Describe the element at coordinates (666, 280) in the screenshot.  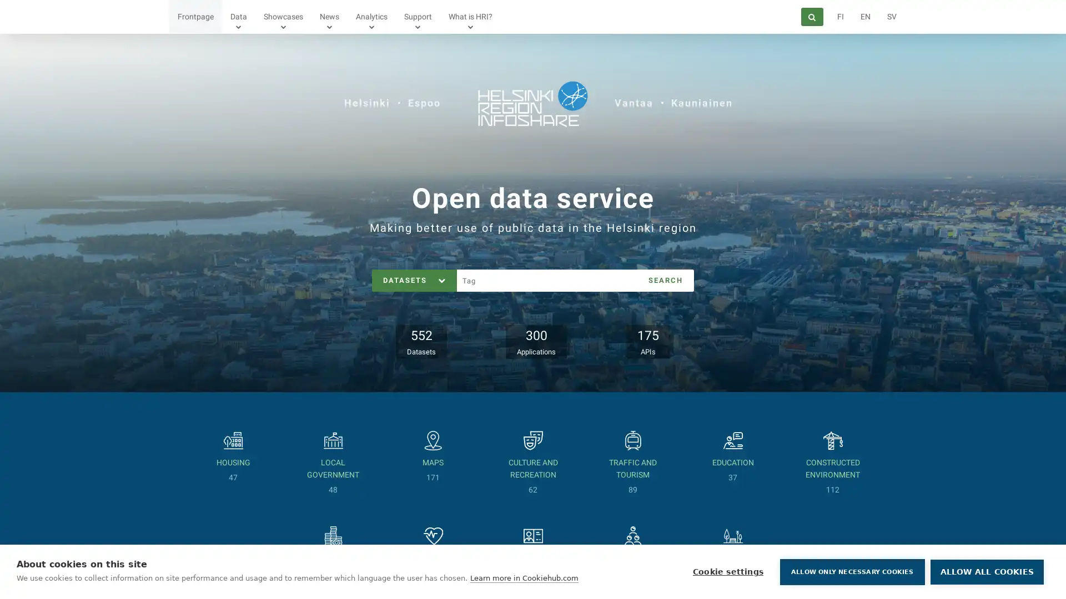
I see `SEARCH` at that location.